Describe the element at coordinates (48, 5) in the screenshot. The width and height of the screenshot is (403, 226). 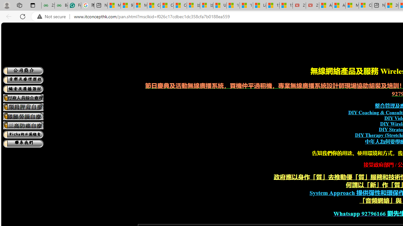
I see `'25 Basic Linux Commands For Beginners - GeeksforGeeks'` at that location.